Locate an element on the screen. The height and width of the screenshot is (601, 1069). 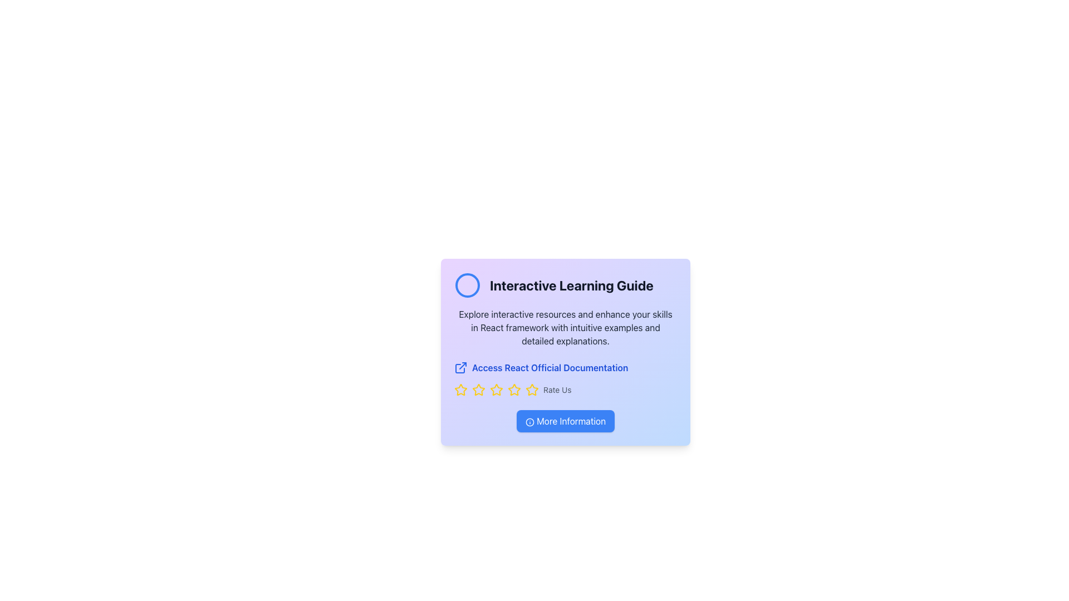
the fourth star icon is located at coordinates (514, 389).